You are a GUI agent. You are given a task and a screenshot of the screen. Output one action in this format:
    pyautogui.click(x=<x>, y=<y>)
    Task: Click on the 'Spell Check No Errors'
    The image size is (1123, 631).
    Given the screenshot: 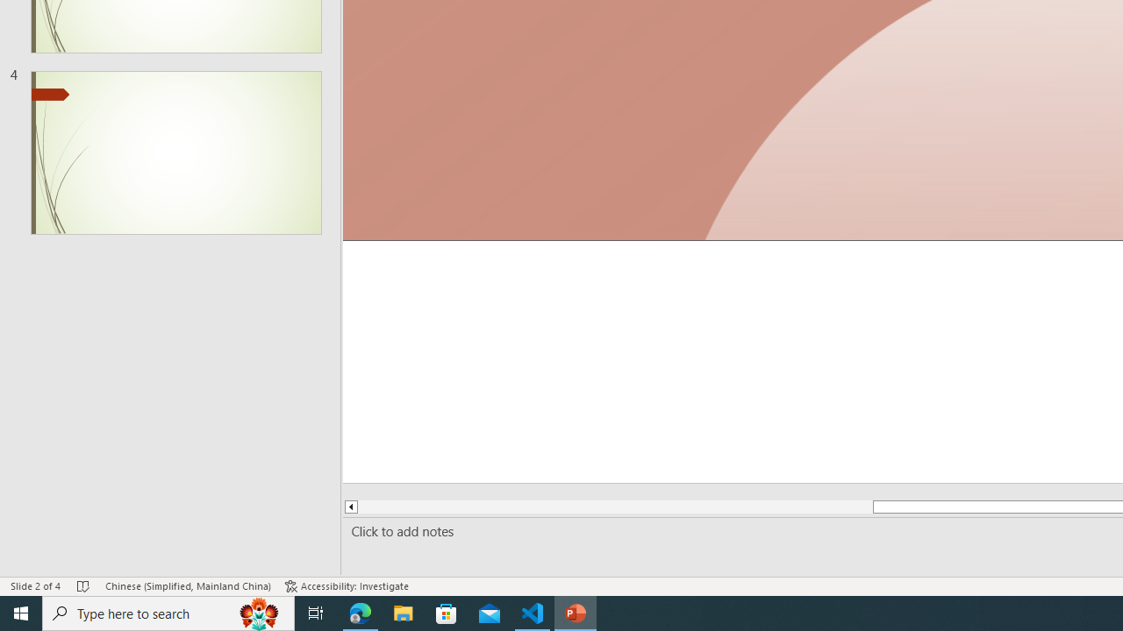 What is the action you would take?
    pyautogui.click(x=83, y=586)
    